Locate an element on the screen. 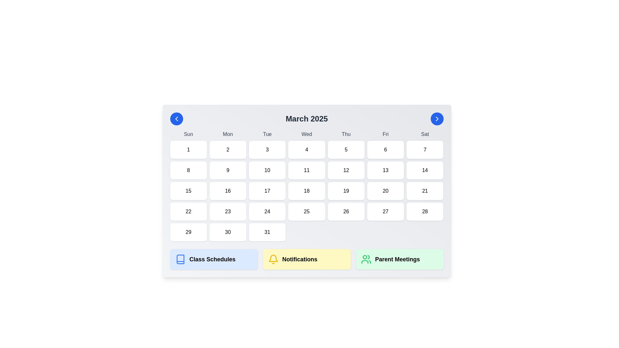  the Calendar date cell displaying '14' in bold black font is located at coordinates (425, 170).